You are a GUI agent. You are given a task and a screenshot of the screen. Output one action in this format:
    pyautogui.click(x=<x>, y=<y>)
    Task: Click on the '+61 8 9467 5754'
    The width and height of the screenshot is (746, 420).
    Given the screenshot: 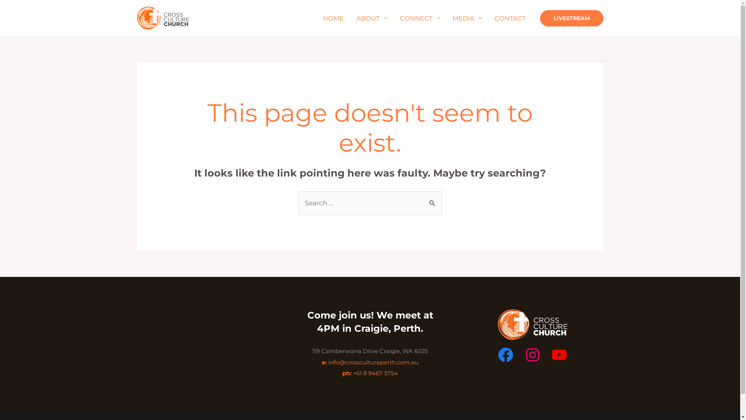 What is the action you would take?
    pyautogui.click(x=375, y=373)
    